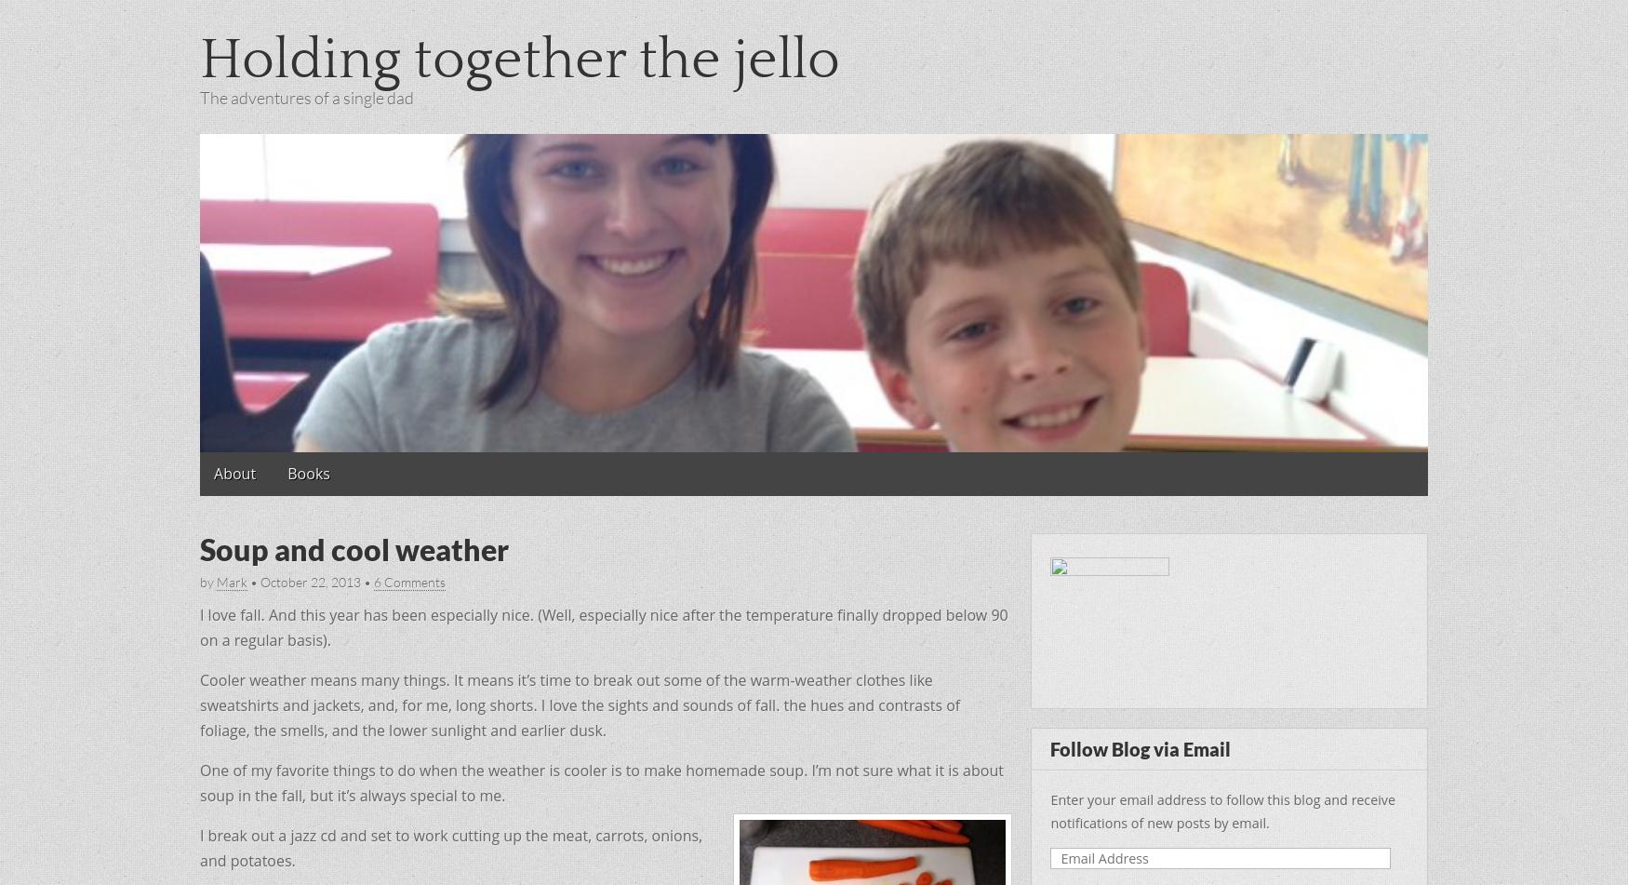 The image size is (1628, 885). I want to click on 'I love fall. And this year has been especially nice. (Well, especially nice after the temperature finally dropped below 90 on a regular basis).', so click(603, 626).